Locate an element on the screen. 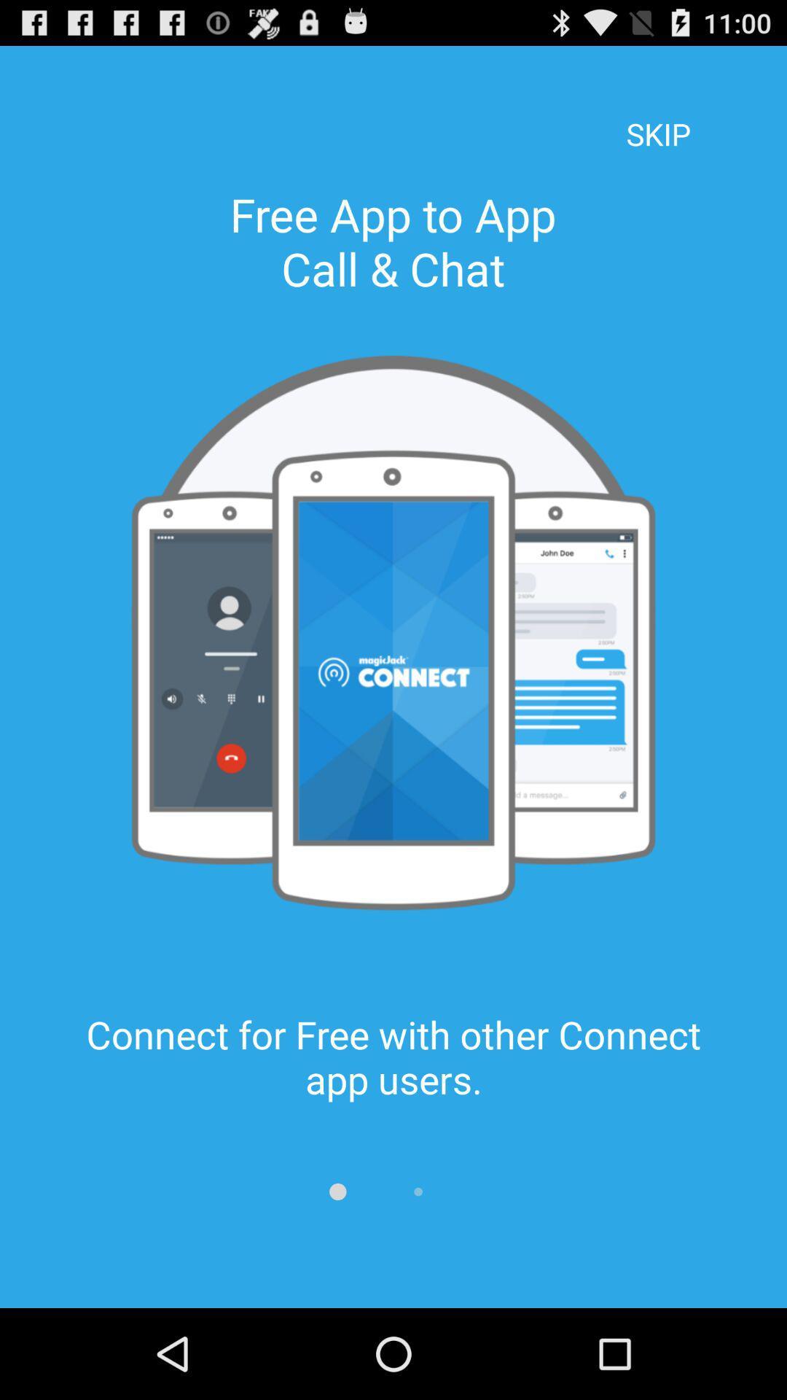  skip item is located at coordinates (658, 114).